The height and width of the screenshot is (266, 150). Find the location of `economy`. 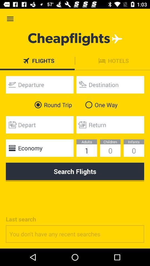

economy is located at coordinates (39, 148).